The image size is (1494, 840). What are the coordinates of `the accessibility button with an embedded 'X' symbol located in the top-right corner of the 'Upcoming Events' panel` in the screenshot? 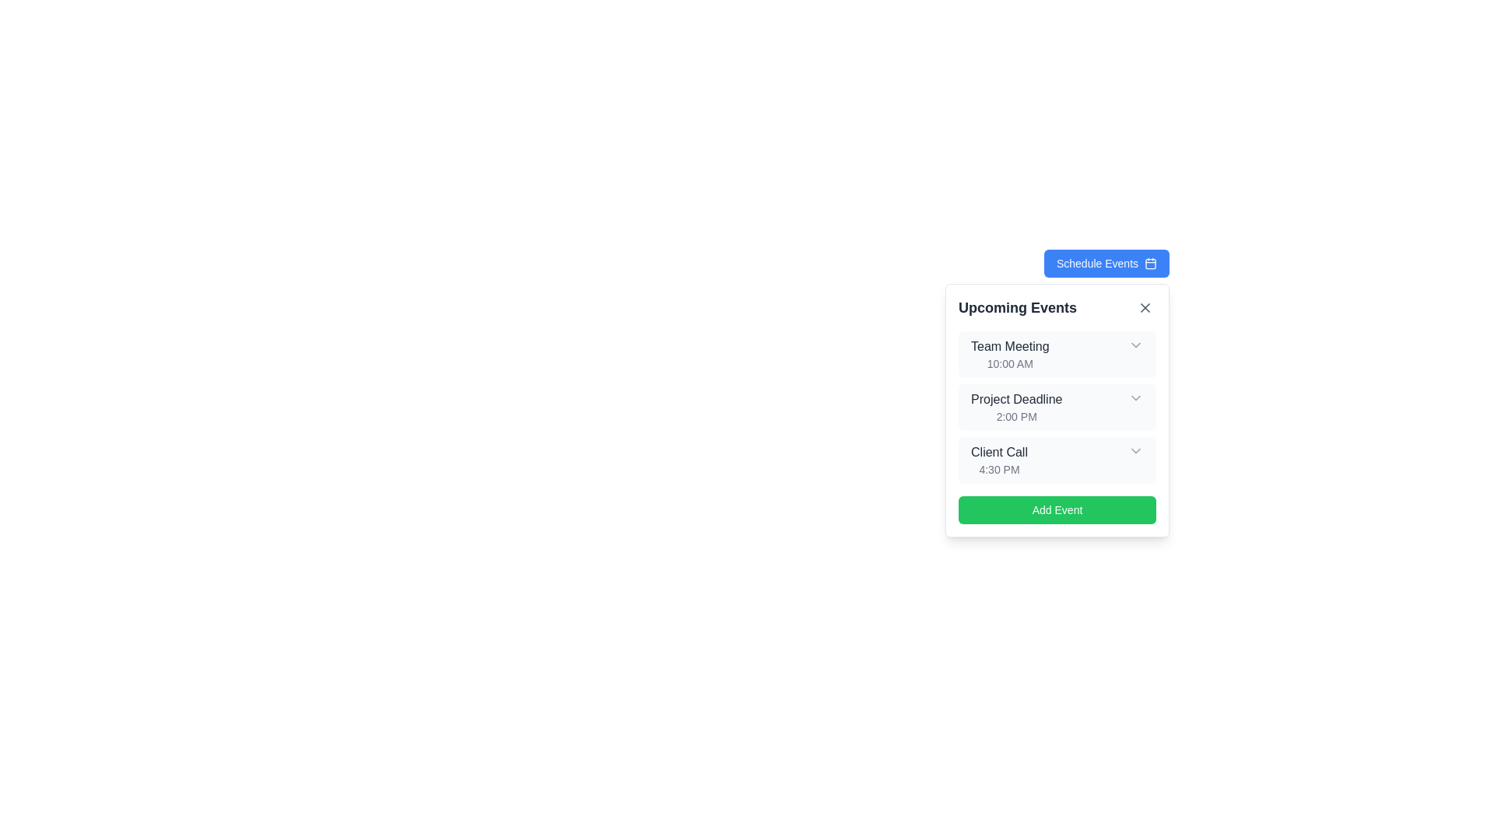 It's located at (1145, 308).